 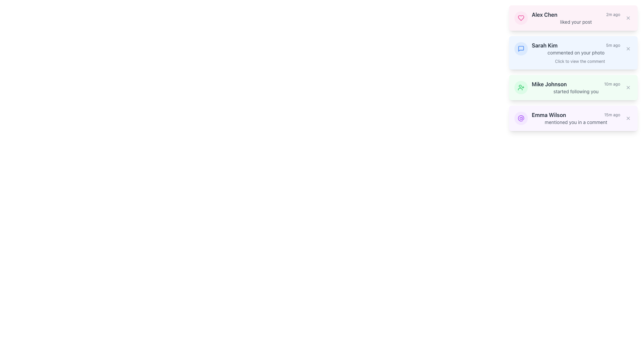 I want to click on the icon in the fourth notification card from the top in the notification panel, which is aligned horizontally with the text 'Emma Wilson mentioned you in a comment', so click(x=520, y=118).